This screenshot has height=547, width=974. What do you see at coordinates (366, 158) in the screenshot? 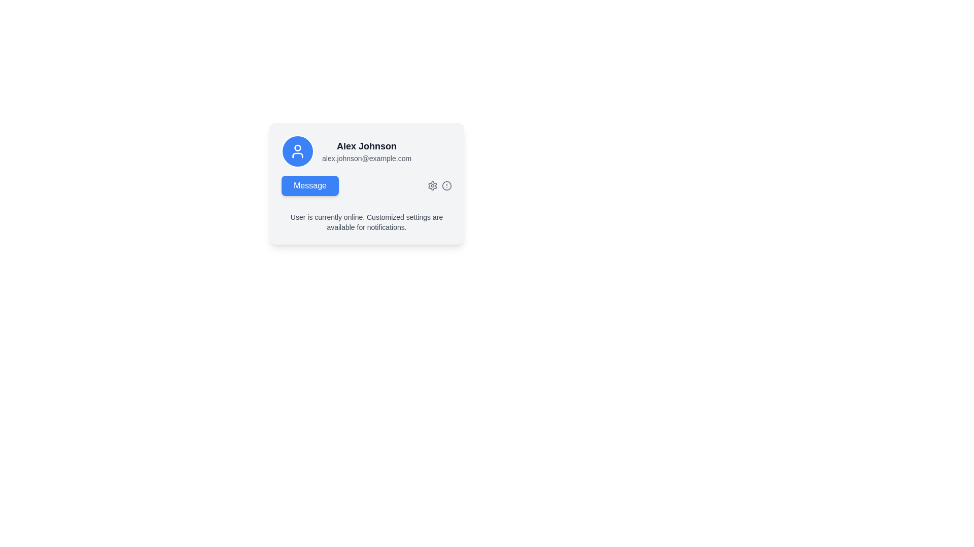
I see `the static text element displaying the email address 'alex.johnson@example.com', which is styled in small grey text and located beneath 'Alex Johnson' within the user profile card interface` at bounding box center [366, 158].